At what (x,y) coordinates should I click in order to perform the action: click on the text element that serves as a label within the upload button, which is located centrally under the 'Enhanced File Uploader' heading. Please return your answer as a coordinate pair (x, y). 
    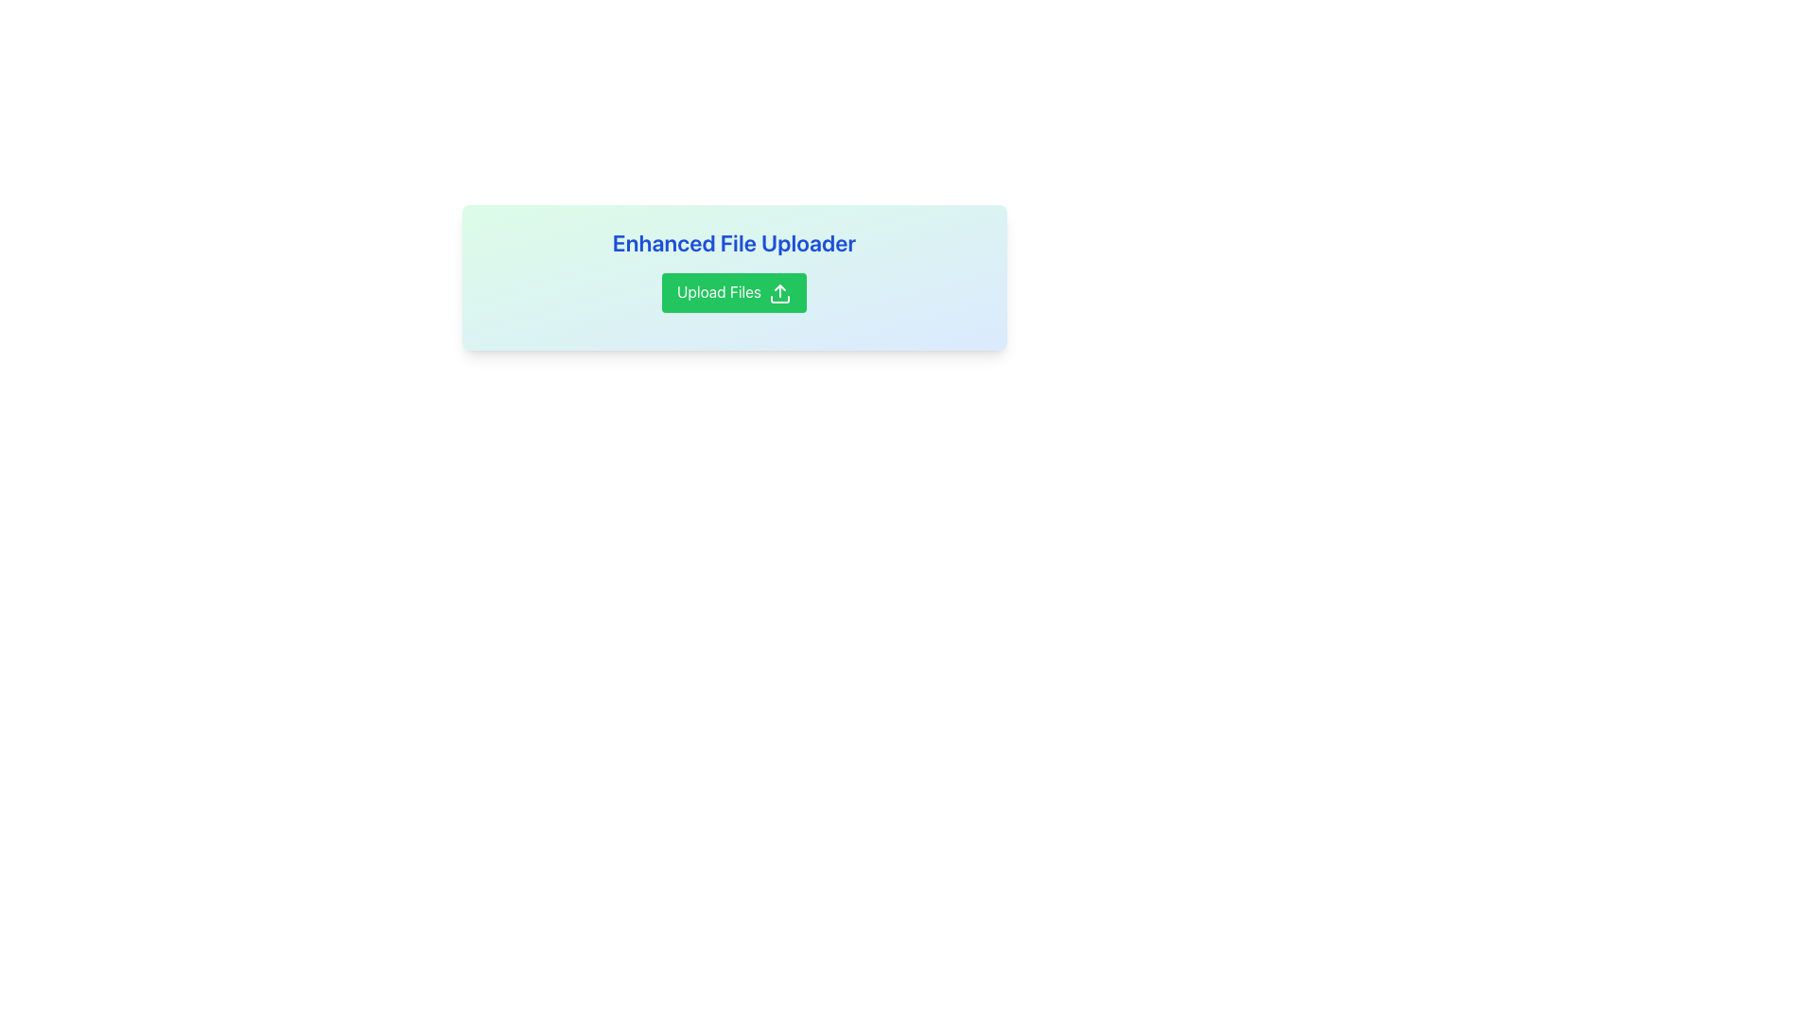
    Looking at the image, I should click on (718, 291).